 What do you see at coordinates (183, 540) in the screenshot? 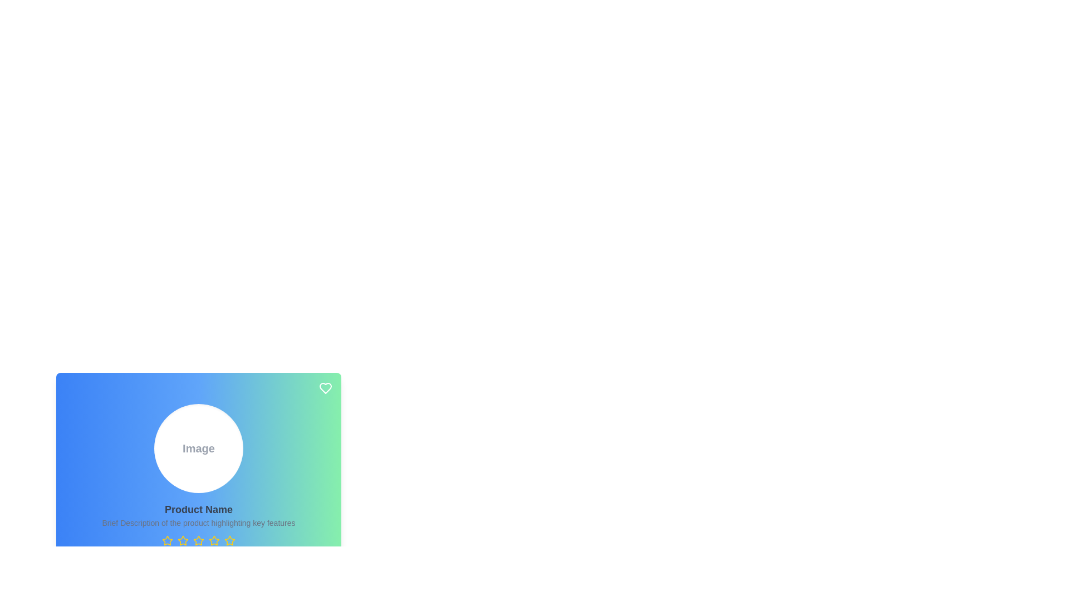
I see `the third star icon in the rating interface` at bounding box center [183, 540].